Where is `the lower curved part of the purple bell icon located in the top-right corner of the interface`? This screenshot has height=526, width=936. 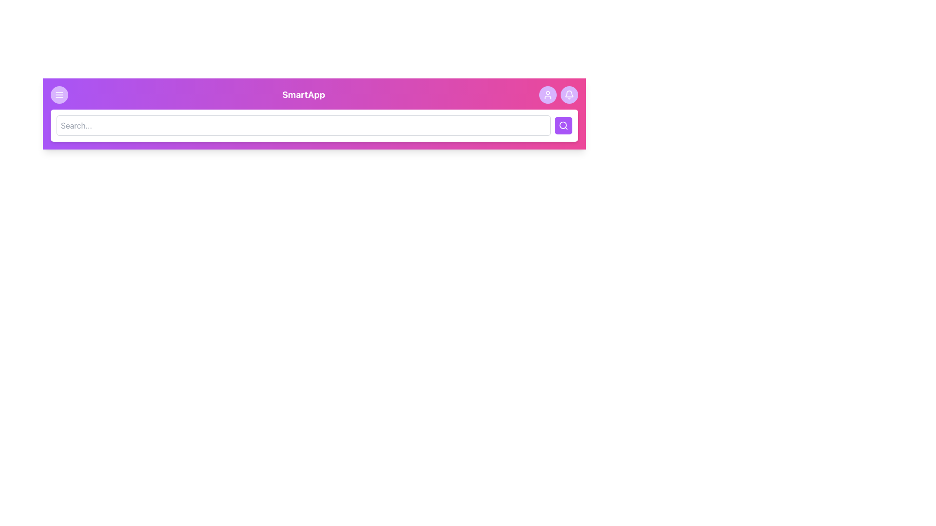
the lower curved part of the purple bell icon located in the top-right corner of the interface is located at coordinates (569, 94).